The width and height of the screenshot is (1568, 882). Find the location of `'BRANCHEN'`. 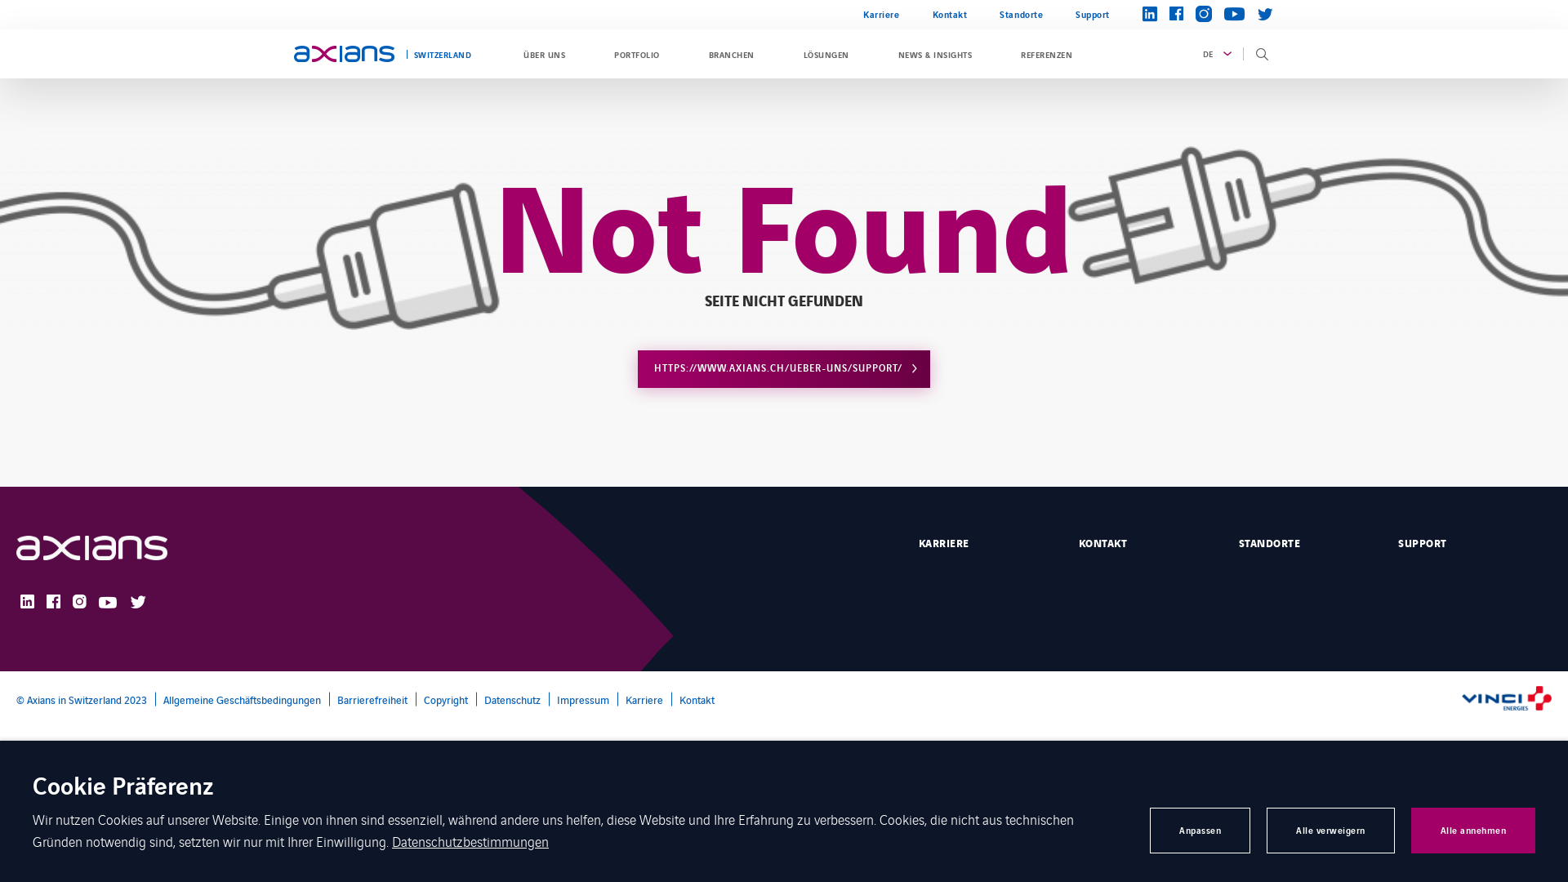

'BRANCHEN' is located at coordinates (731, 52).